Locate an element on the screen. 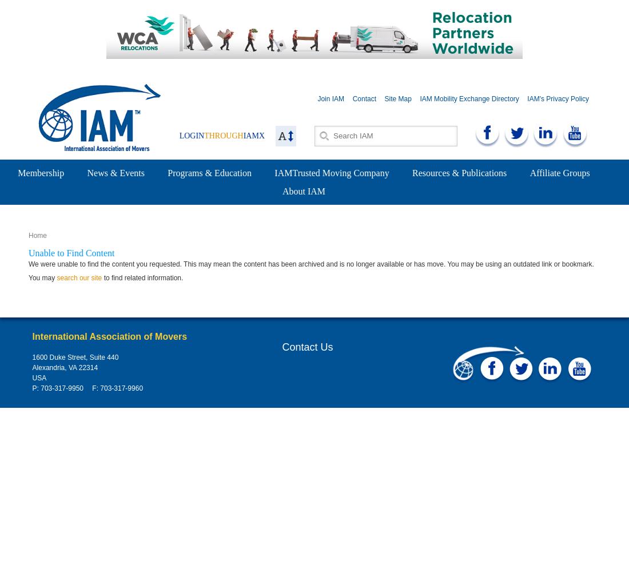 This screenshot has height=572, width=629. 'Alexandria, VA  22314' is located at coordinates (65, 368).